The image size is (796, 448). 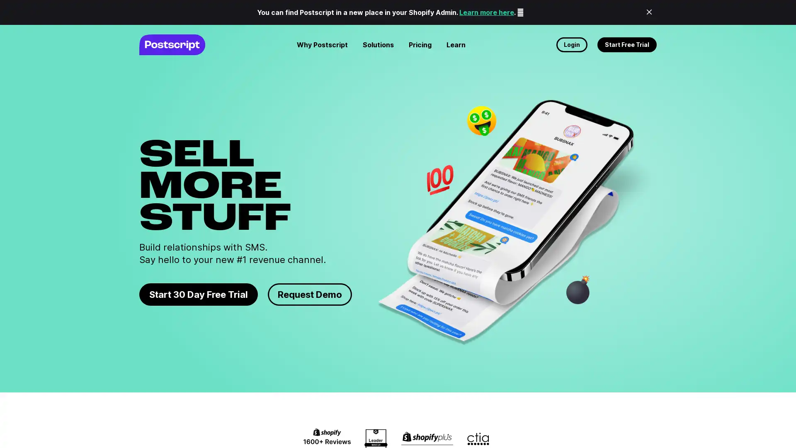 I want to click on Pricing, so click(x=420, y=44).